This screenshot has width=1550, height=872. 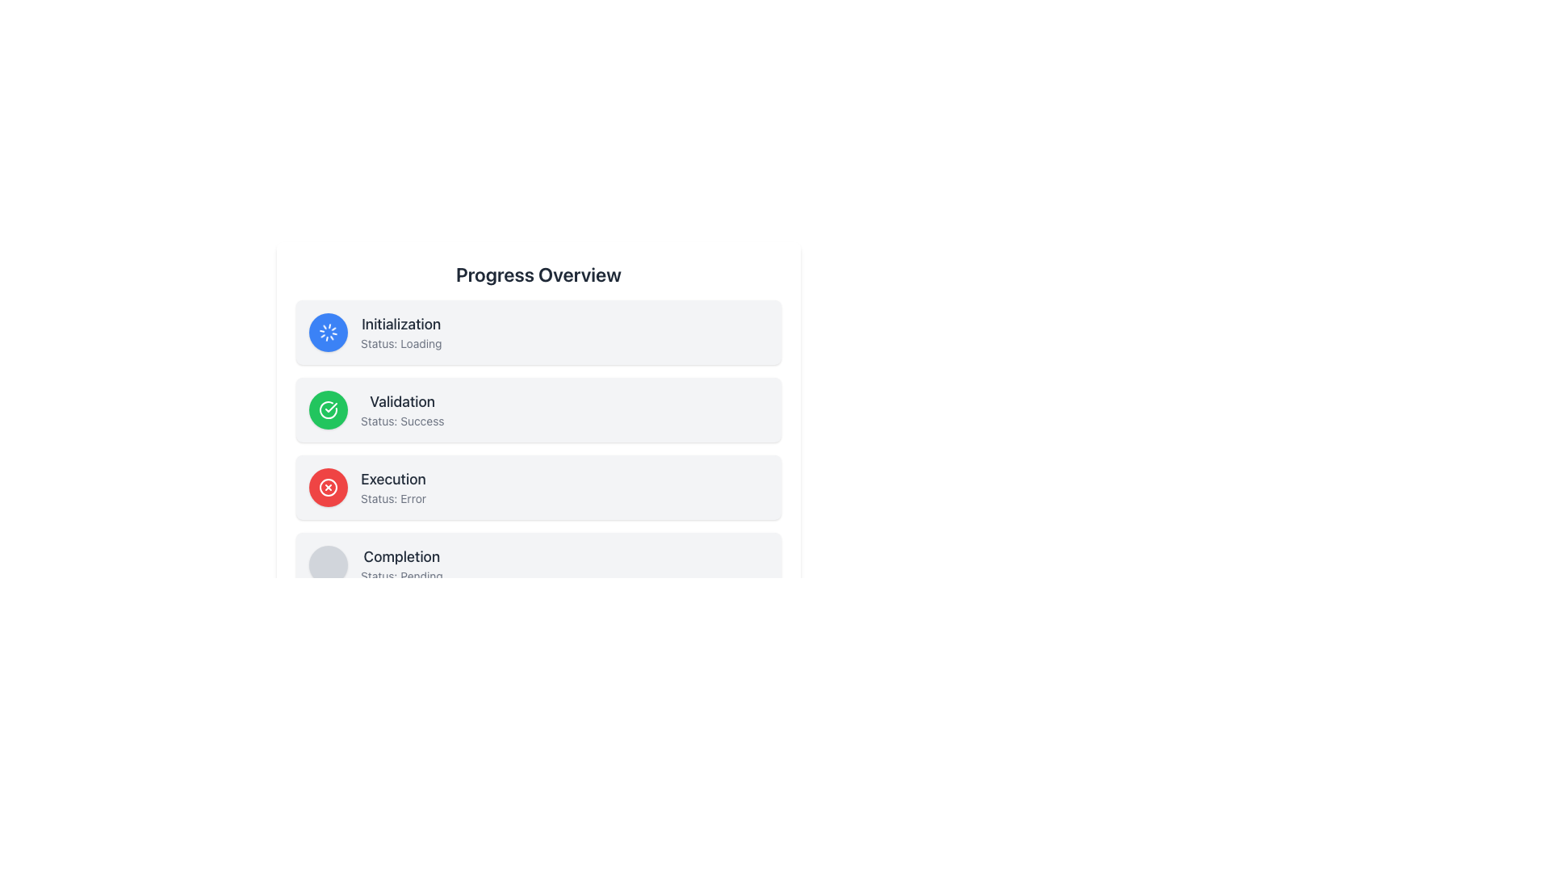 What do you see at coordinates (401, 556) in the screenshot?
I see `the text label that serves as a title or heading for the fourth item in the vertical progress overview list, positioned above the smaller text displaying 'Status: pending'` at bounding box center [401, 556].